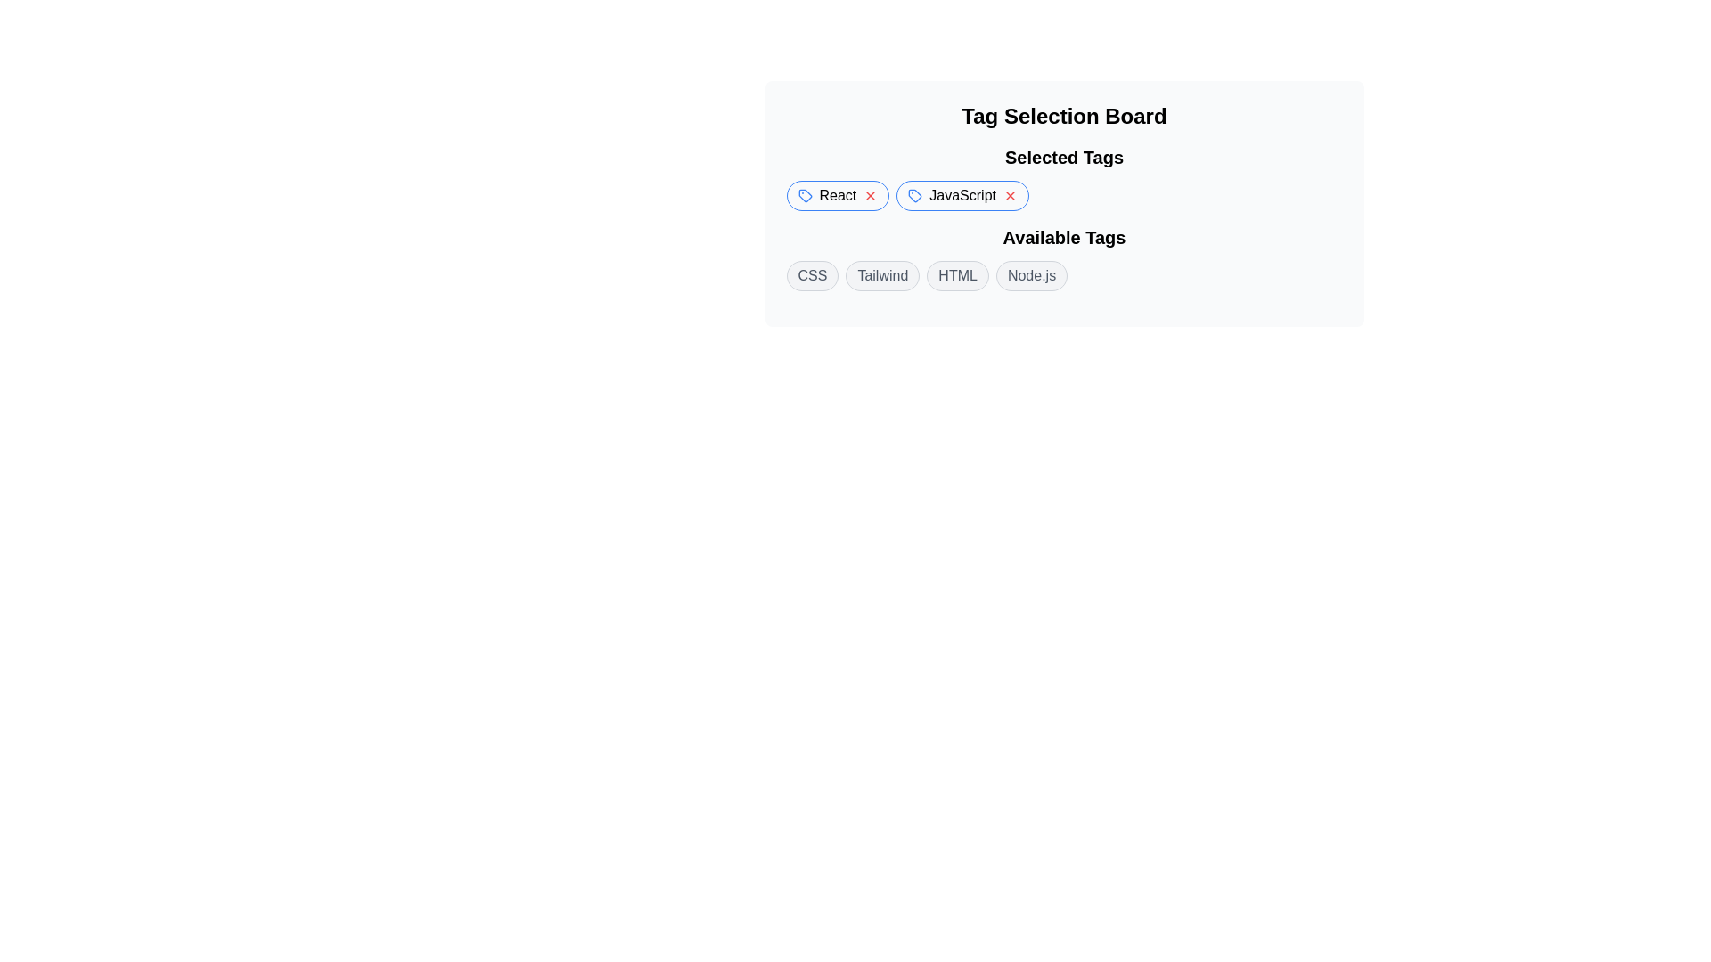  Describe the element at coordinates (871, 195) in the screenshot. I see `the 'remove' button located to the right of the 'React' tag in the 'Selected Tags' section to deselect or delete this tag` at that location.